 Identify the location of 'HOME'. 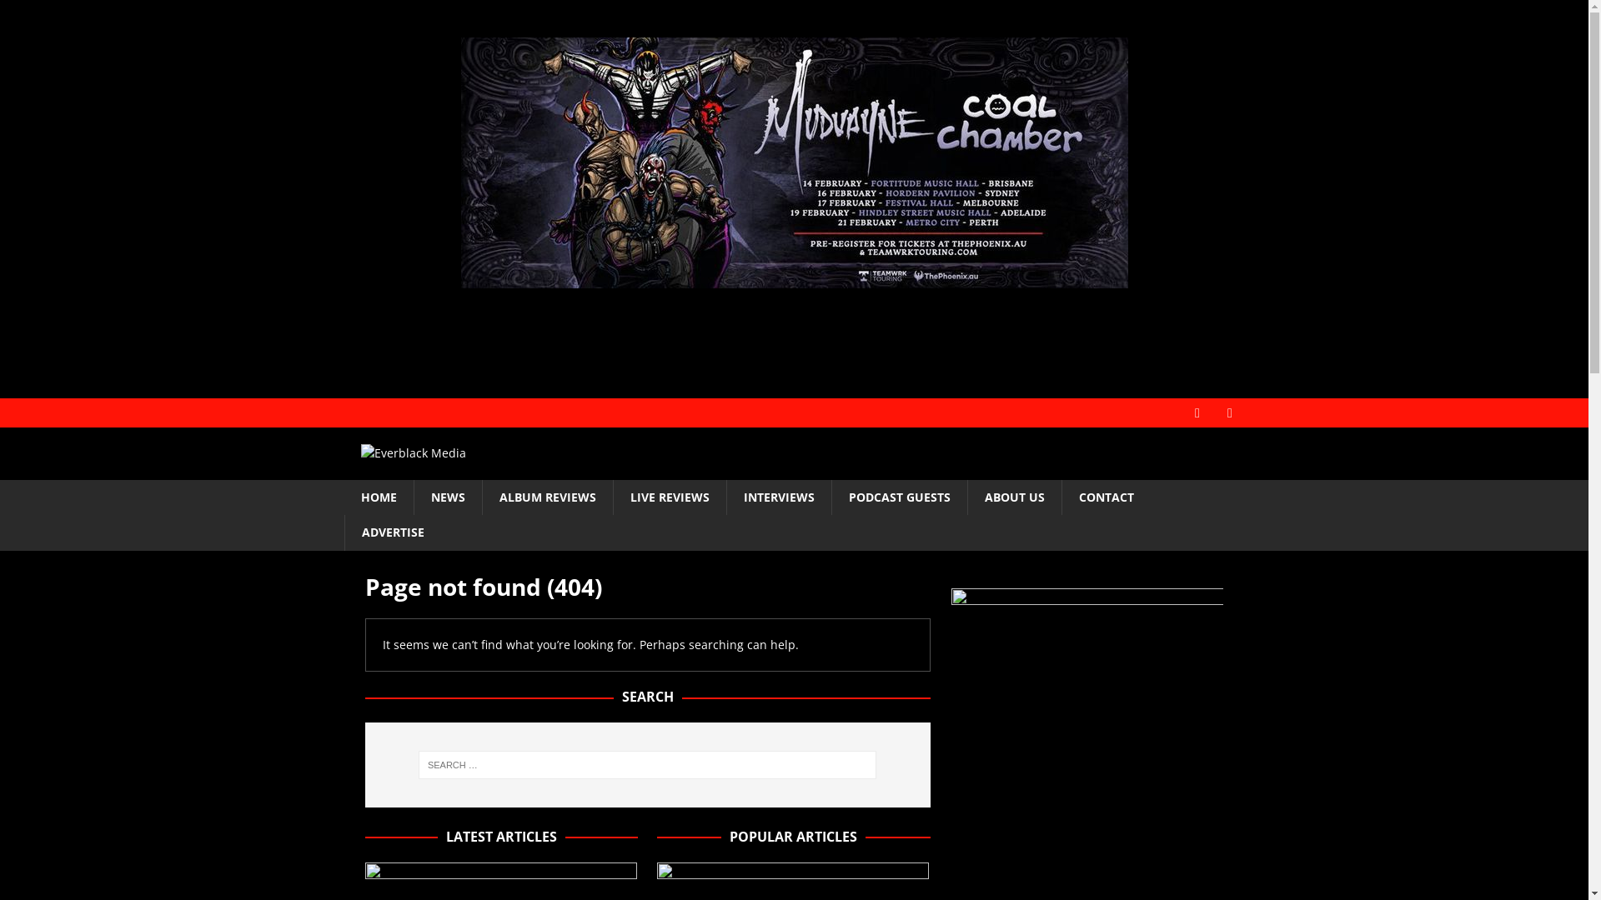
(343, 497).